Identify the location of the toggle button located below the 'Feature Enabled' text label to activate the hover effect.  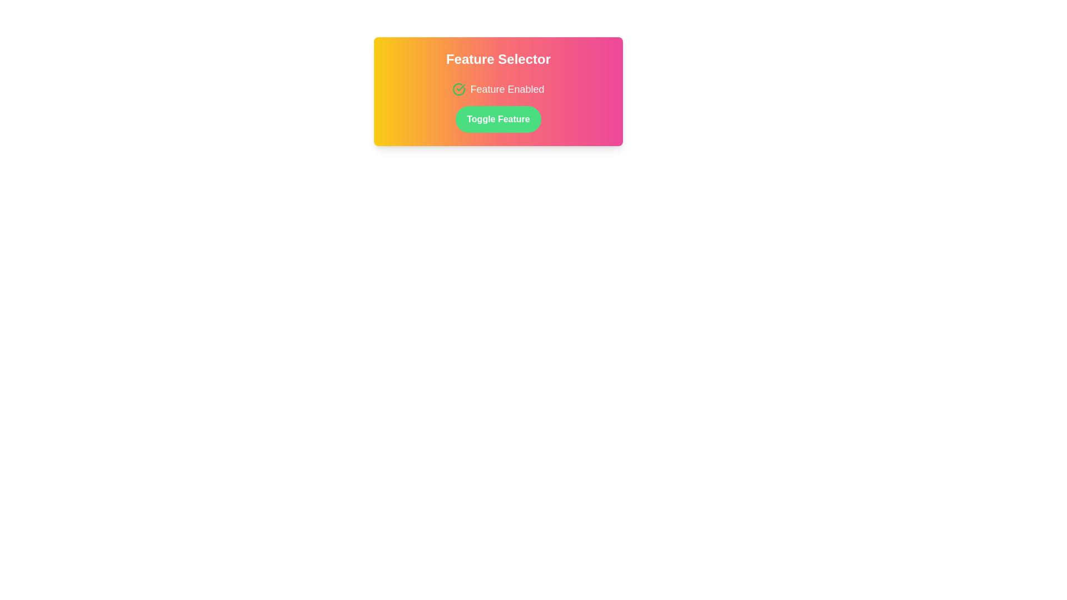
(498, 119).